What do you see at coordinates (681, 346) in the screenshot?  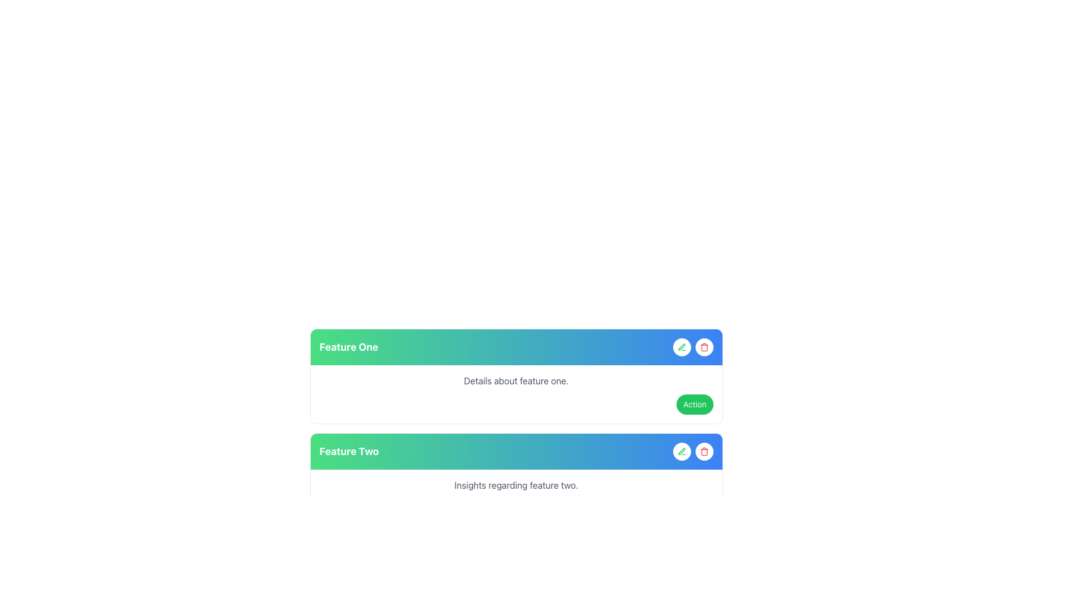 I see `the edit button located at the top-right corner of the second card labeled 'Feature Two'` at bounding box center [681, 346].